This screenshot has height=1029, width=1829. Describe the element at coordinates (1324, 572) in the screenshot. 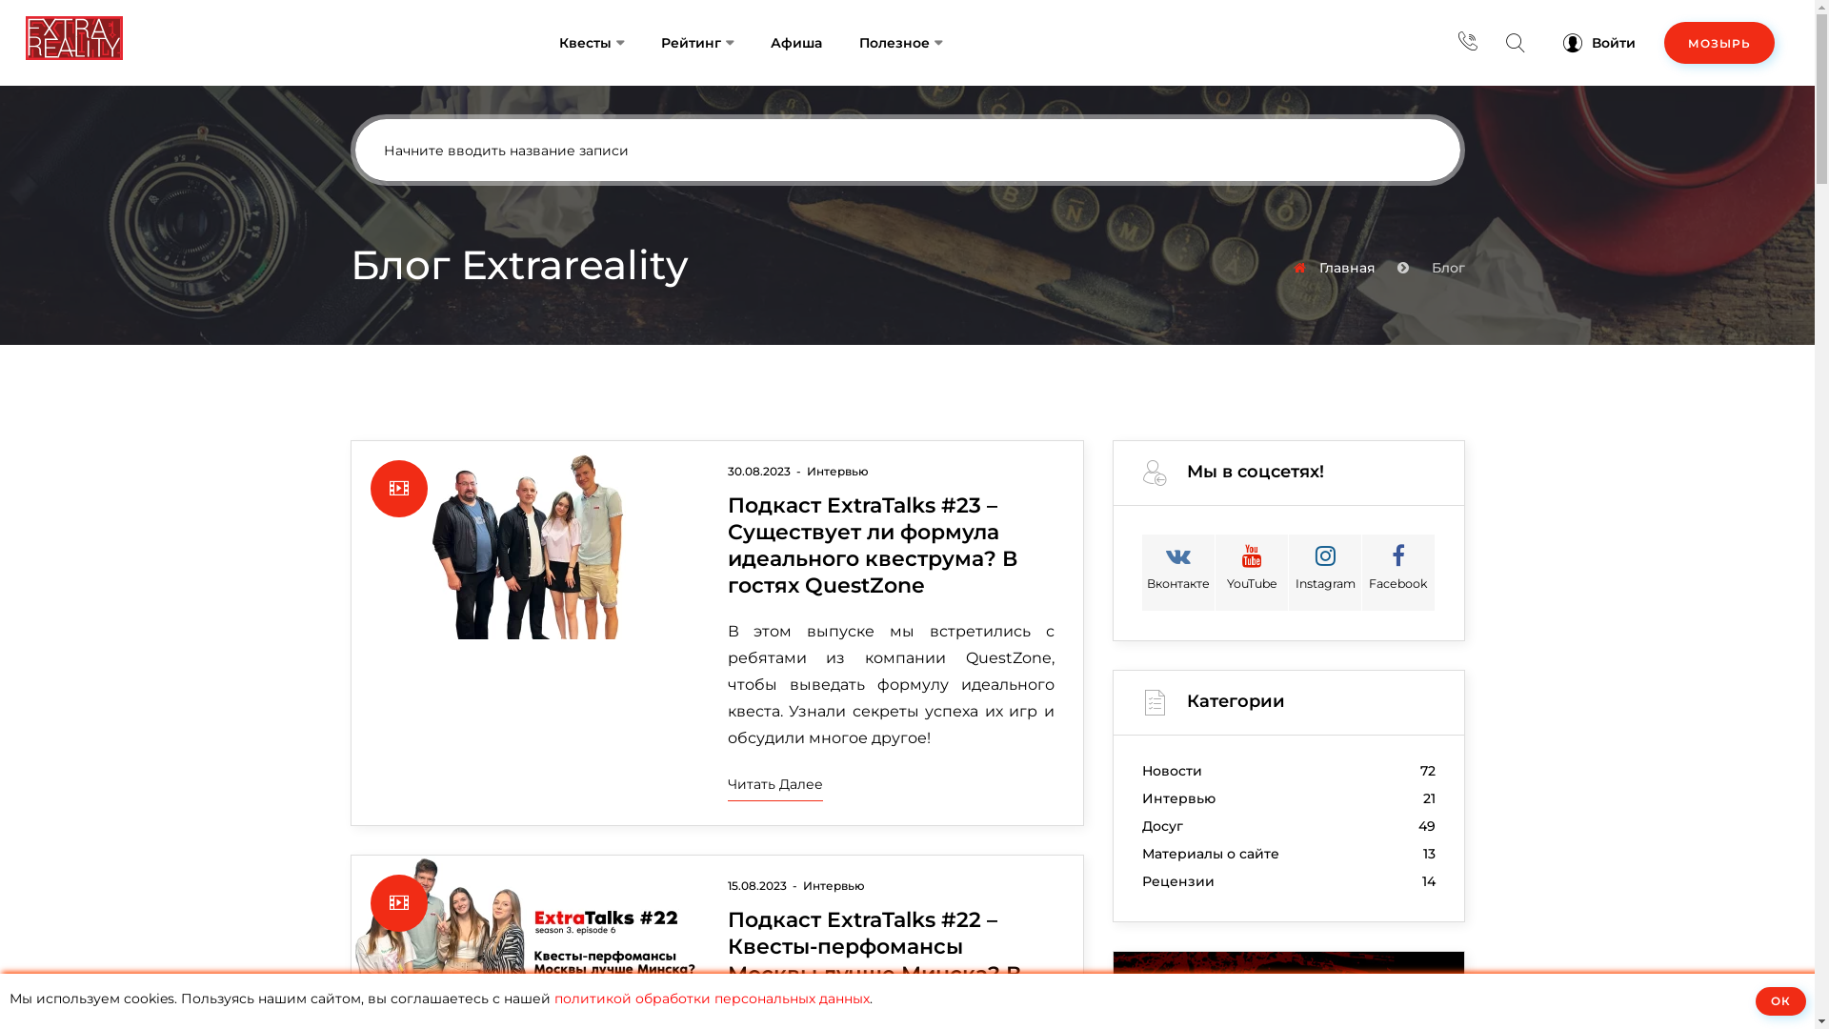

I see `'Instagram'` at that location.